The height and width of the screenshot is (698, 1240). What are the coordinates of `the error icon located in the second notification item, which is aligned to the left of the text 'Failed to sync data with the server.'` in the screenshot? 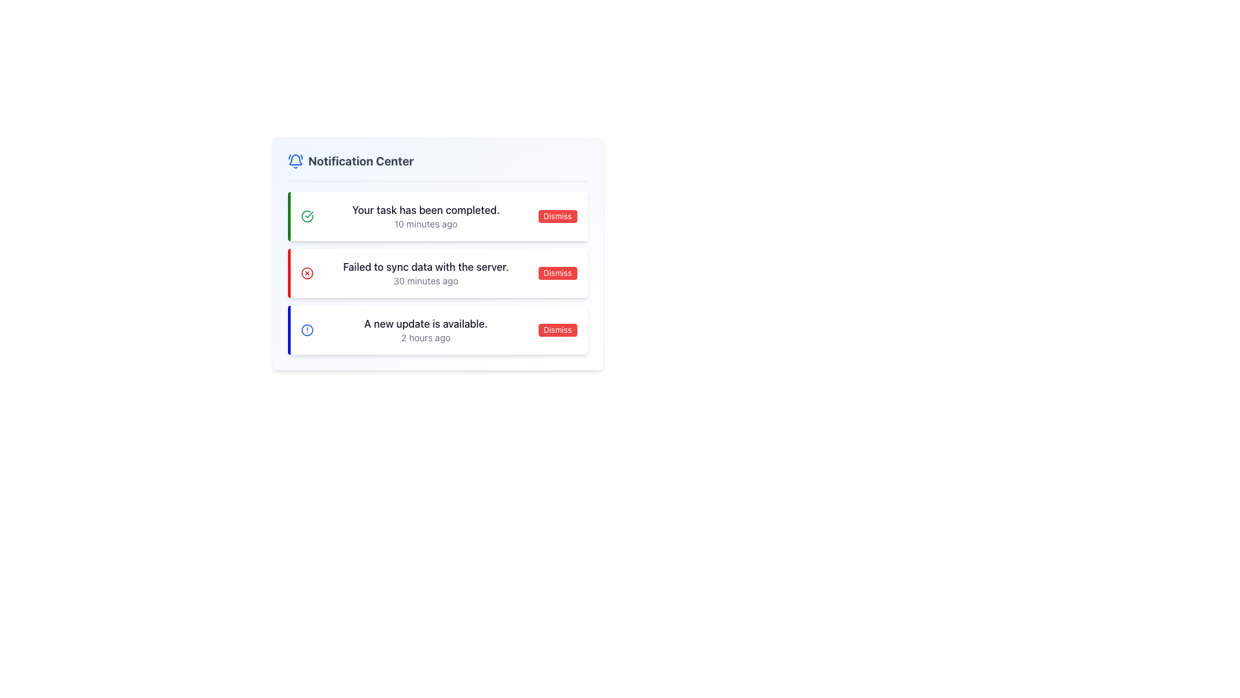 It's located at (306, 273).